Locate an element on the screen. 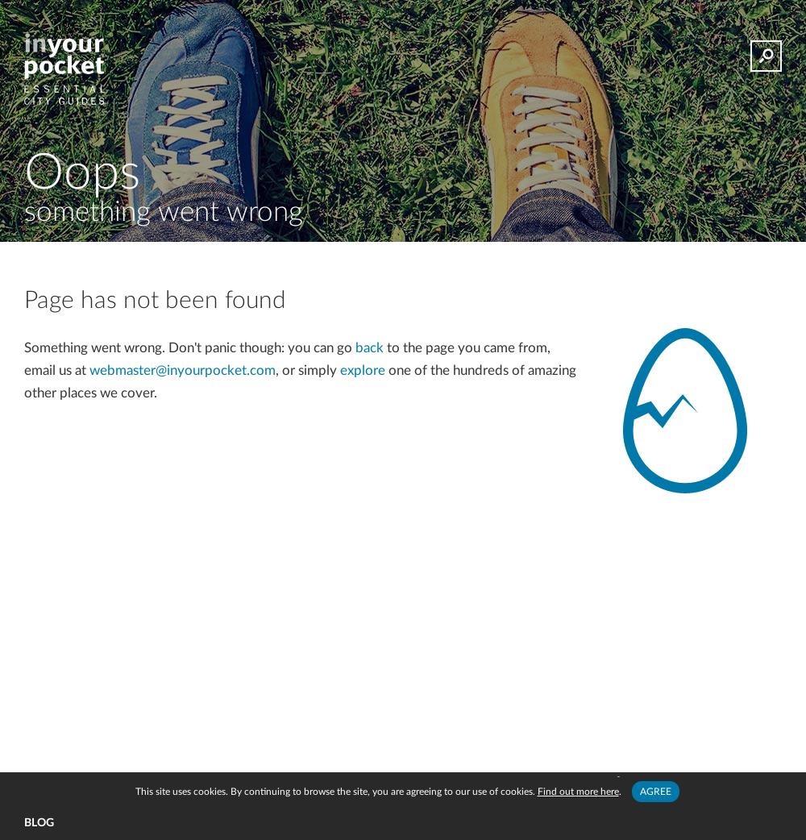 This screenshot has width=806, height=840. ',
		      or simply' is located at coordinates (308, 370).